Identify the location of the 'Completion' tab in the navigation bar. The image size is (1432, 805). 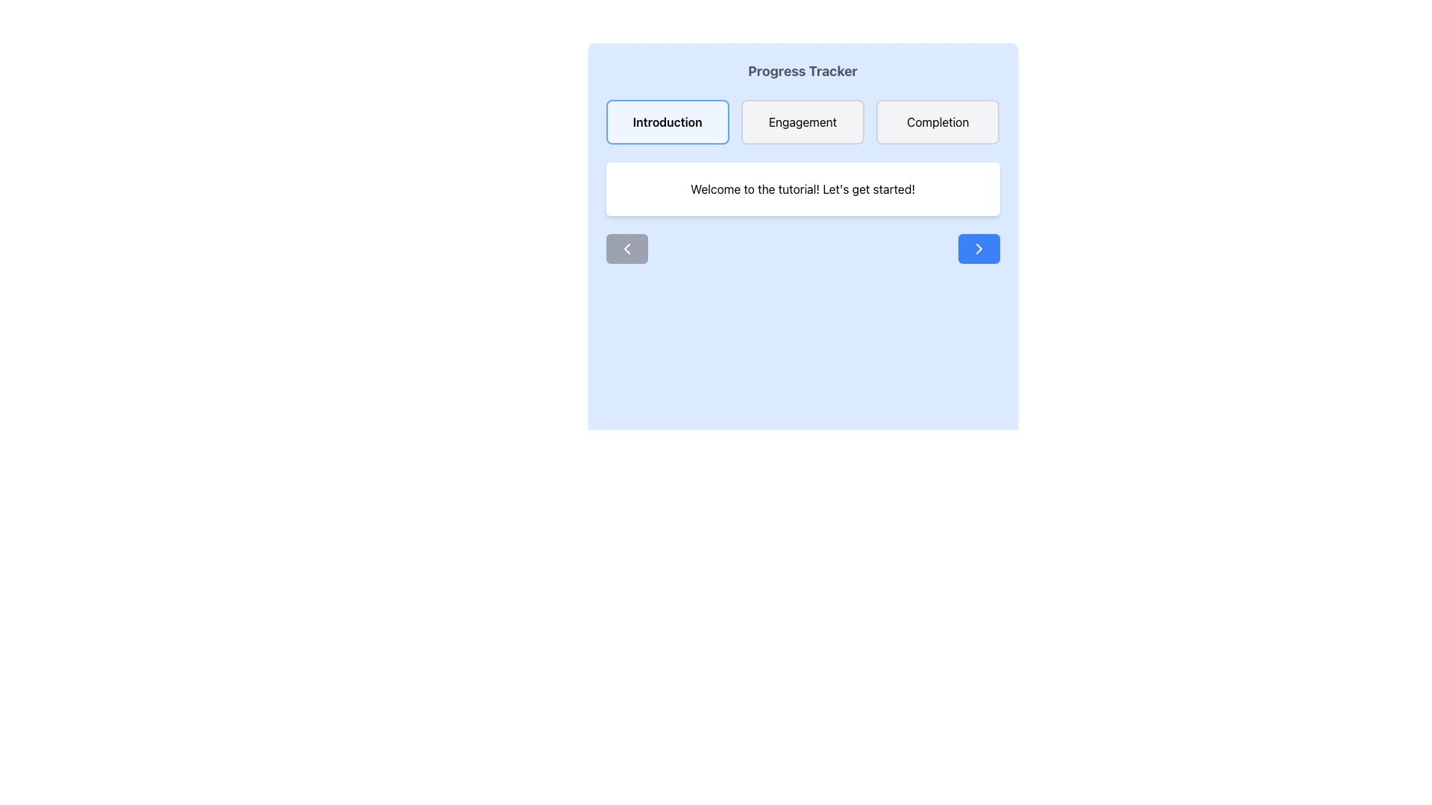
(937, 121).